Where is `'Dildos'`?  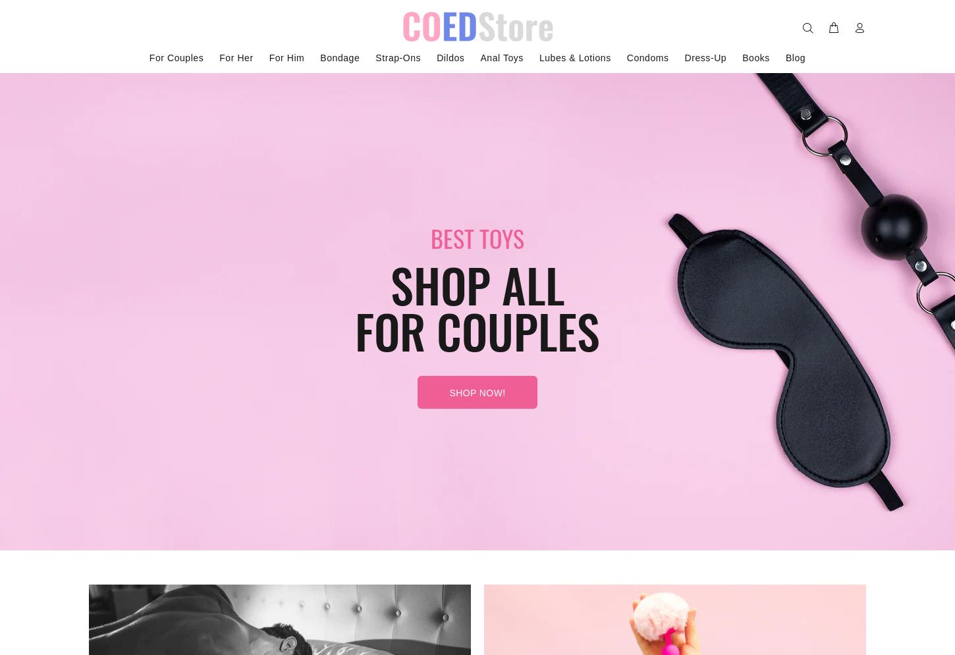 'Dildos' is located at coordinates (449, 57).